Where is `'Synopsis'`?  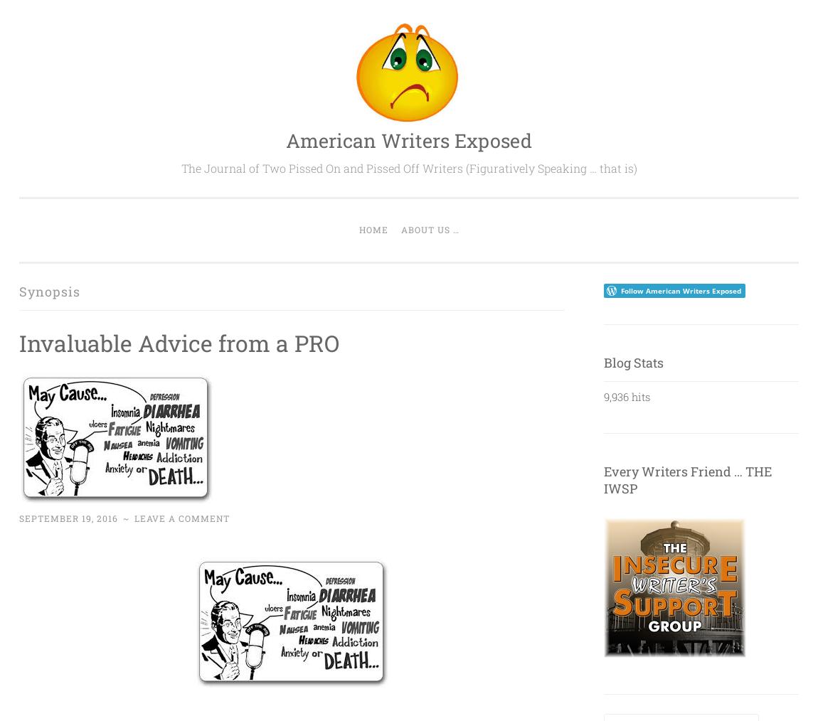 'Synopsis' is located at coordinates (49, 290).